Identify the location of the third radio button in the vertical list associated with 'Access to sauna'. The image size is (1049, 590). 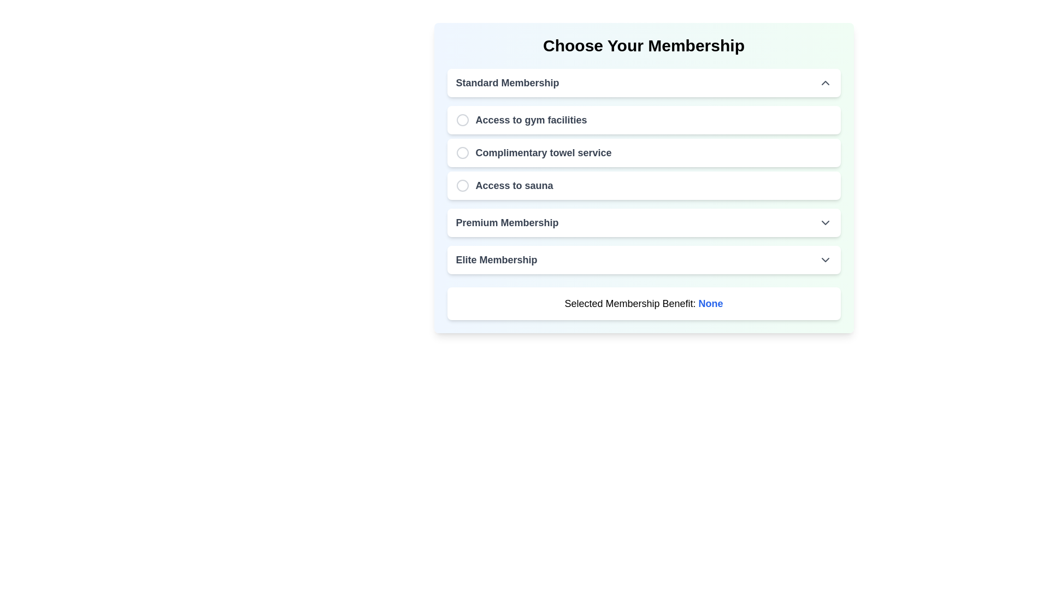
(462, 185).